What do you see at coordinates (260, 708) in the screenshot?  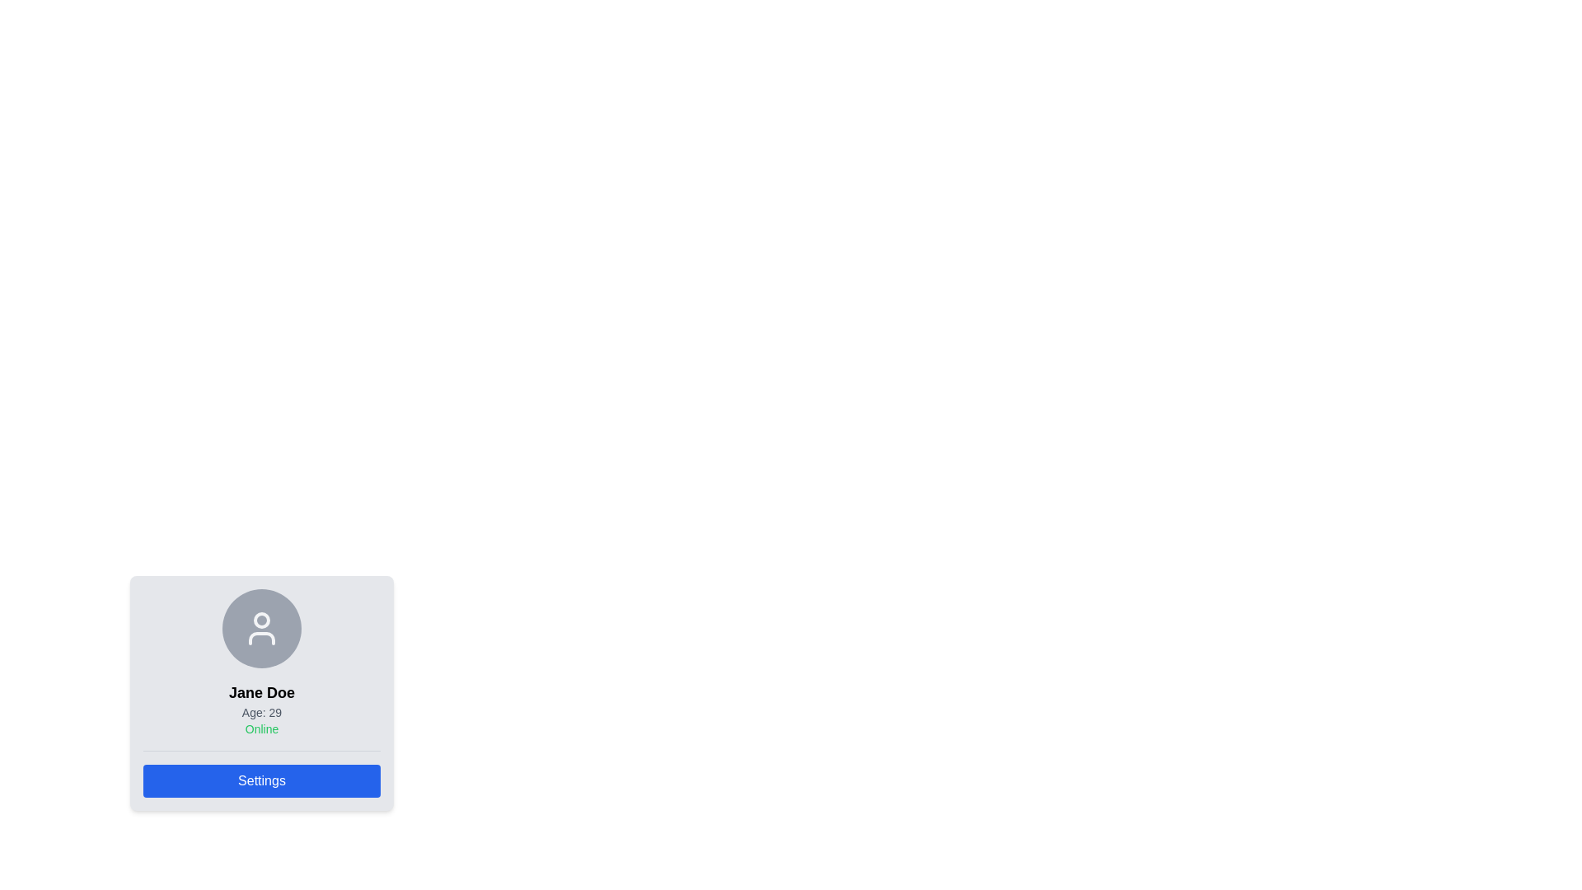 I see `the text block displaying key profile information, including name, age, and online status, located in the middle of the card component` at bounding box center [260, 708].